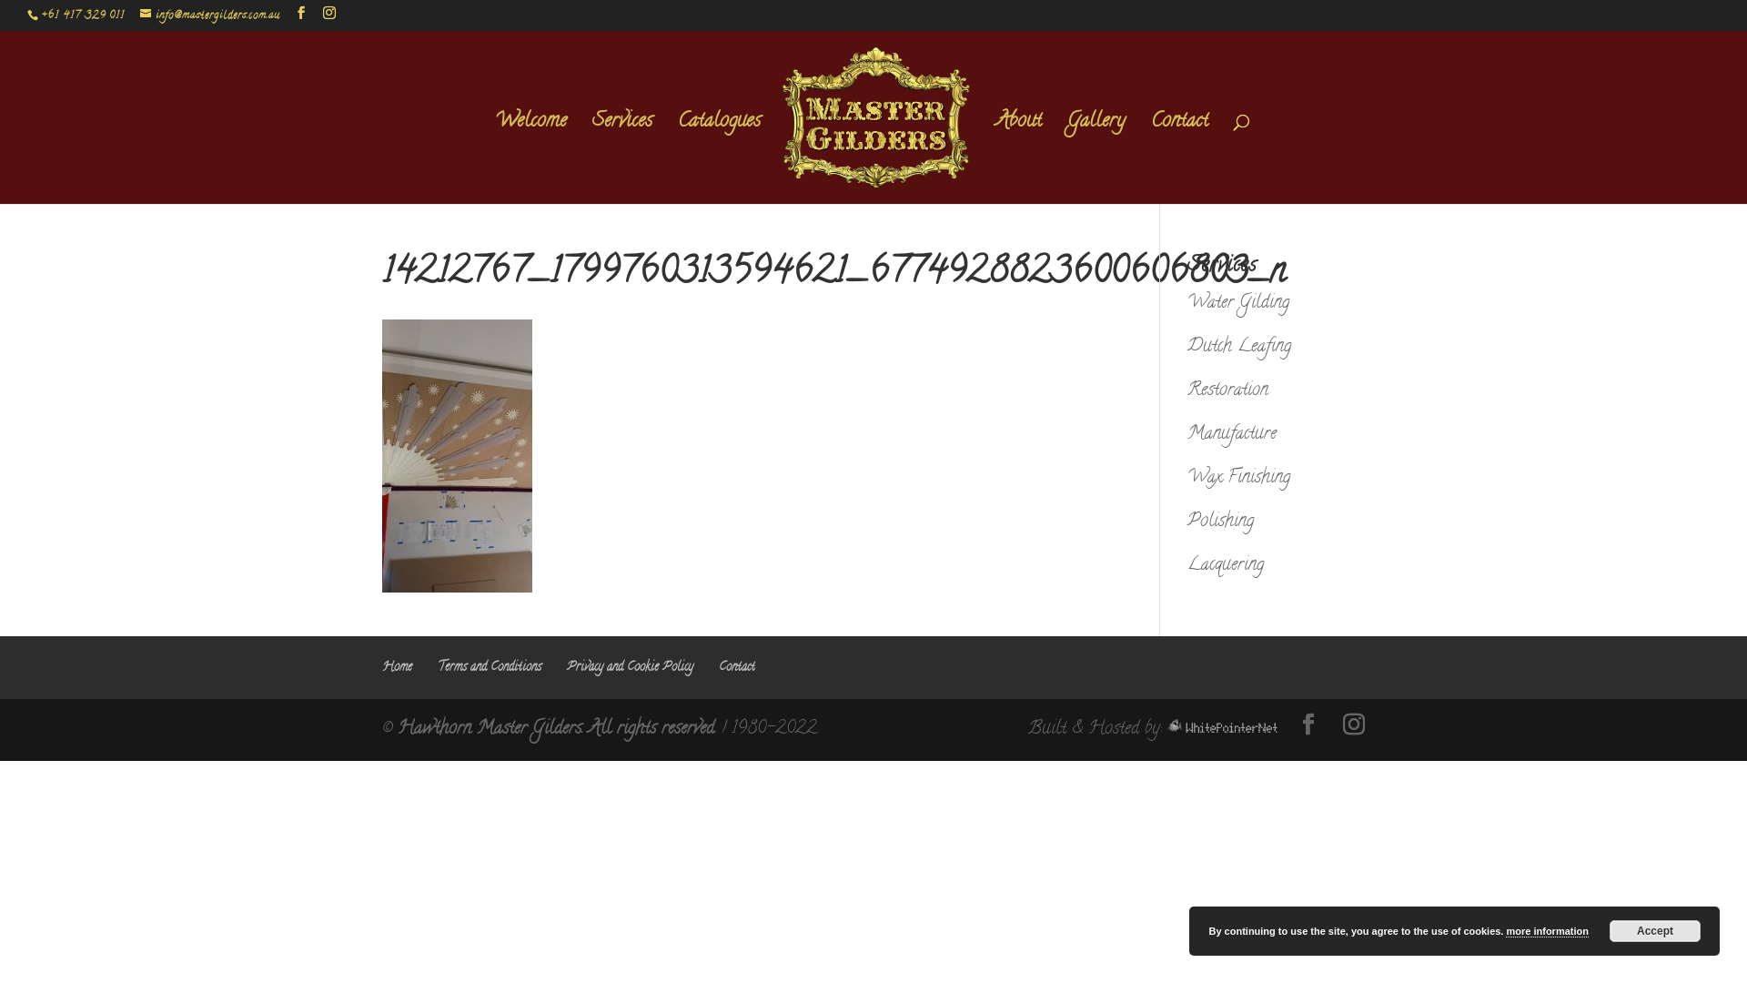 The width and height of the screenshot is (1747, 983). I want to click on 'Accept', so click(1655, 930).